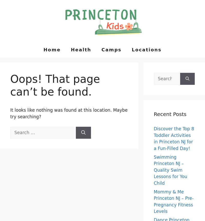 The height and width of the screenshot is (221, 205). I want to click on 'Health', so click(81, 49).